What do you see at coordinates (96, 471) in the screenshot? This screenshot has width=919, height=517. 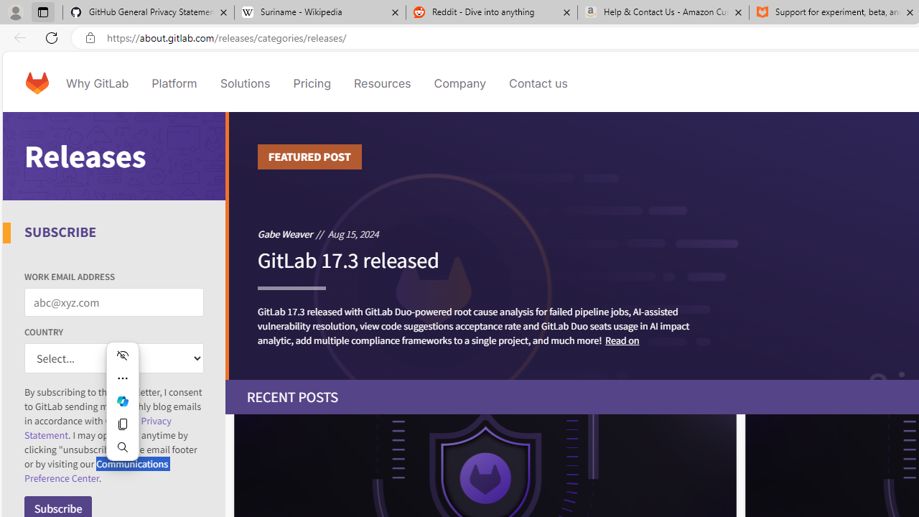 I see `'Communications Preference Center'` at bounding box center [96, 471].